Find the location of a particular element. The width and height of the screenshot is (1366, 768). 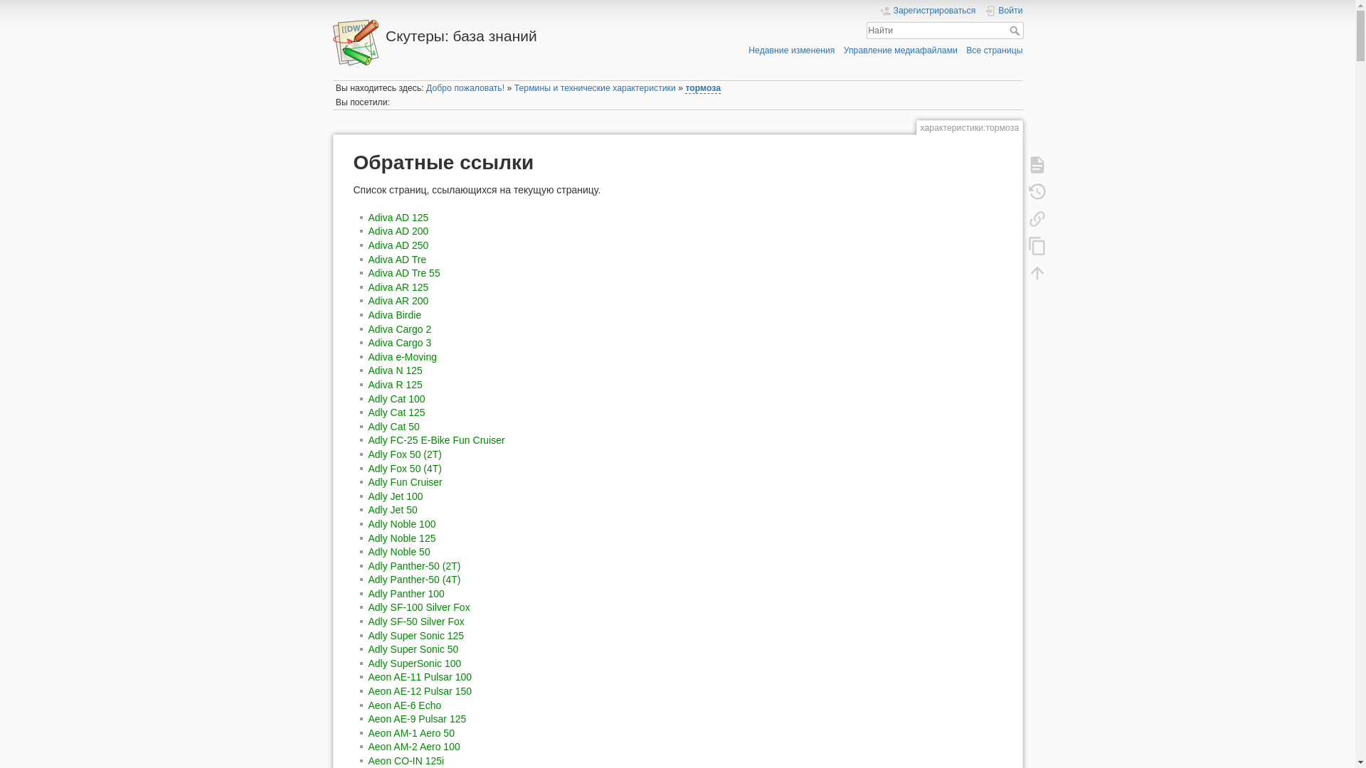

'Aeon AE-12 Pulsar 150' is located at coordinates (419, 690).